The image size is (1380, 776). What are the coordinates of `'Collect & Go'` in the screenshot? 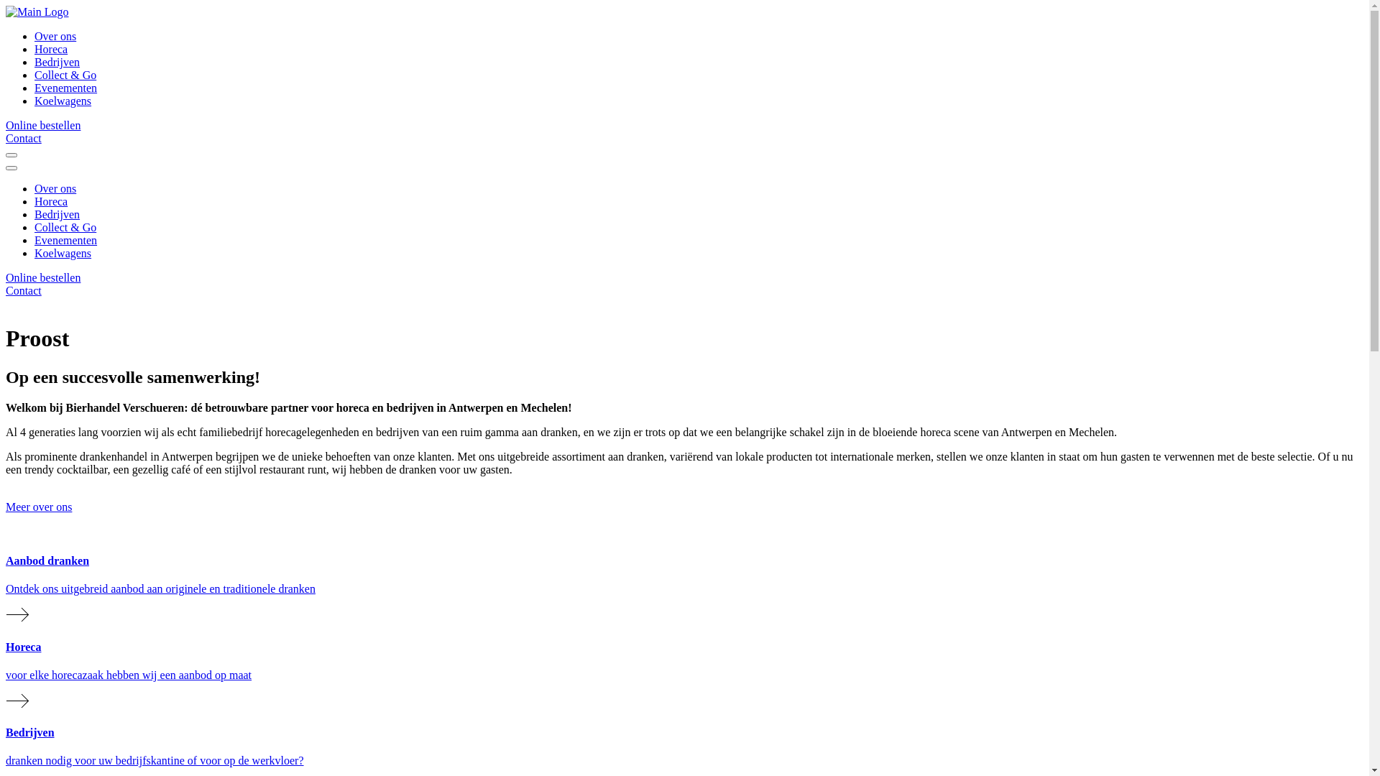 It's located at (65, 226).